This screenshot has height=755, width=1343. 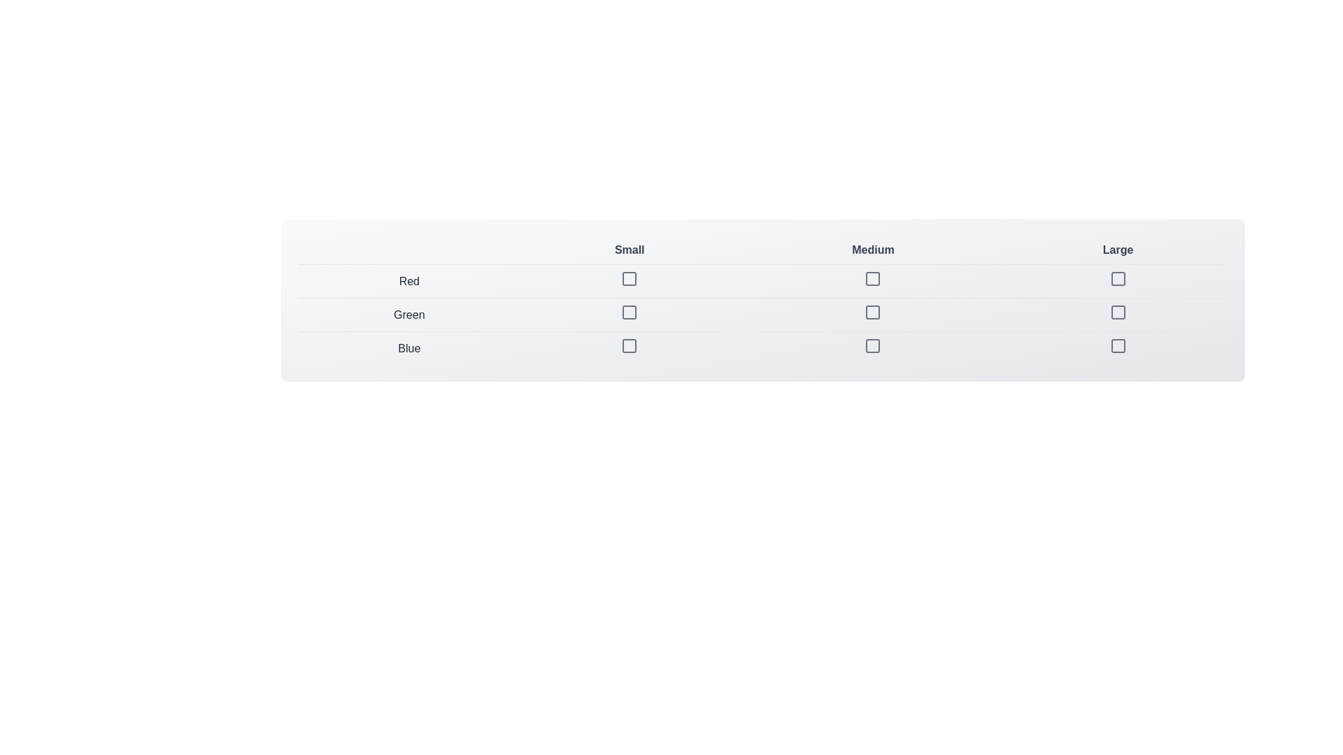 I want to click on the small, square-shaped checkbox with rounded corners located in the second row and third column under the 'Medium' column heading beside the label 'Green', so click(x=872, y=312).